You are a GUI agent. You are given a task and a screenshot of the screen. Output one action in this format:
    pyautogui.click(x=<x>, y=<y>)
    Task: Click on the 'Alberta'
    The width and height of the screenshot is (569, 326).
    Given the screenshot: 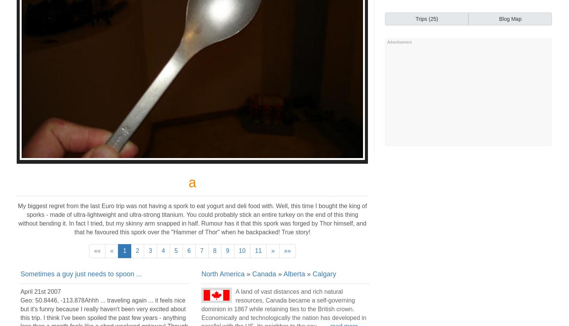 What is the action you would take?
    pyautogui.click(x=283, y=274)
    